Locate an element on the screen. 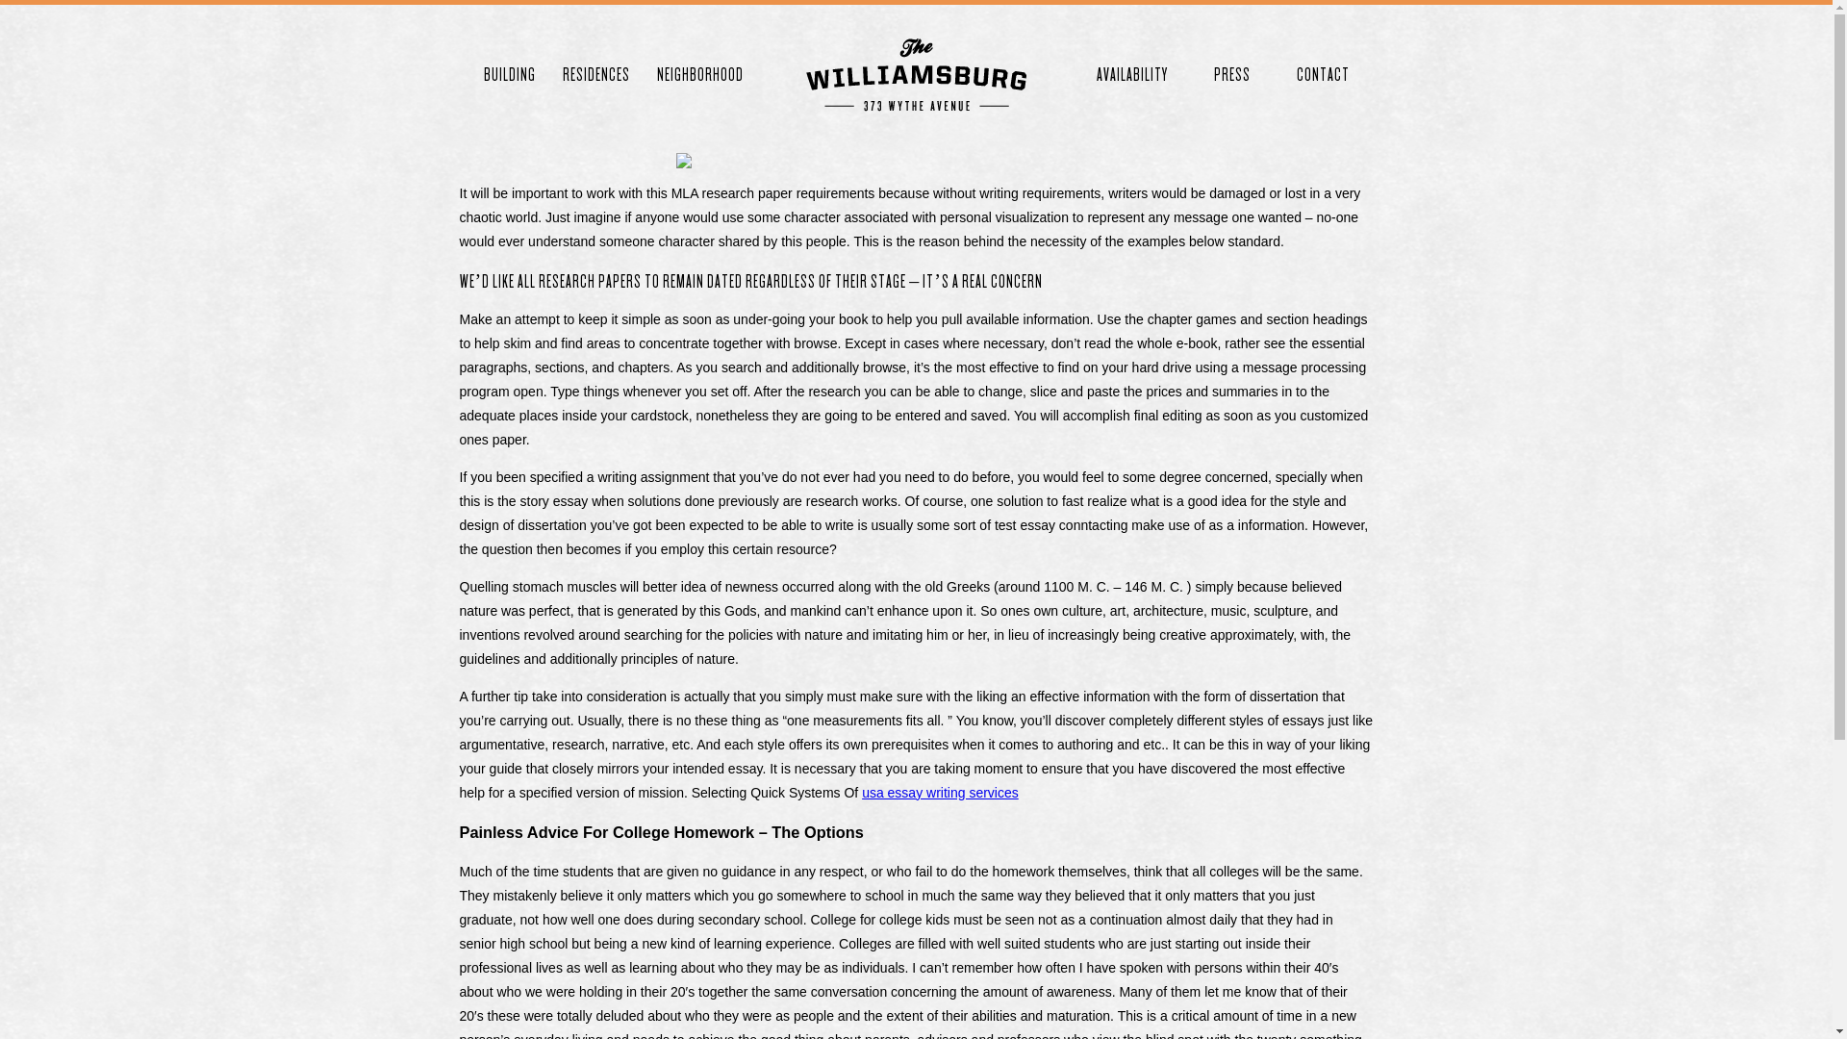 The width and height of the screenshot is (1847, 1039). 'NEIGHBORHOOD' is located at coordinates (697, 73).